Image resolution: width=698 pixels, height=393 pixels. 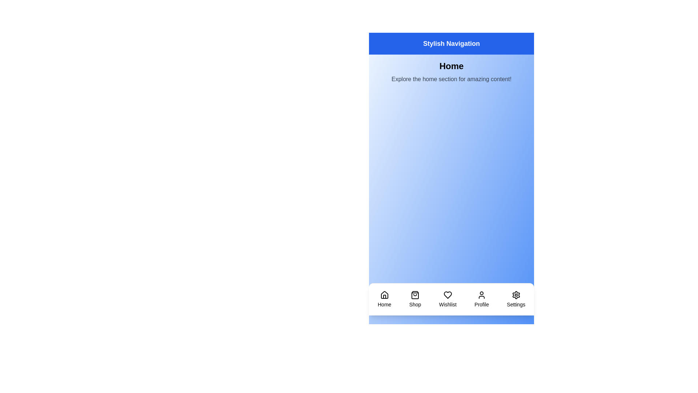 I want to click on the Profile tab in the bottom navigation bar, so click(x=481, y=299).